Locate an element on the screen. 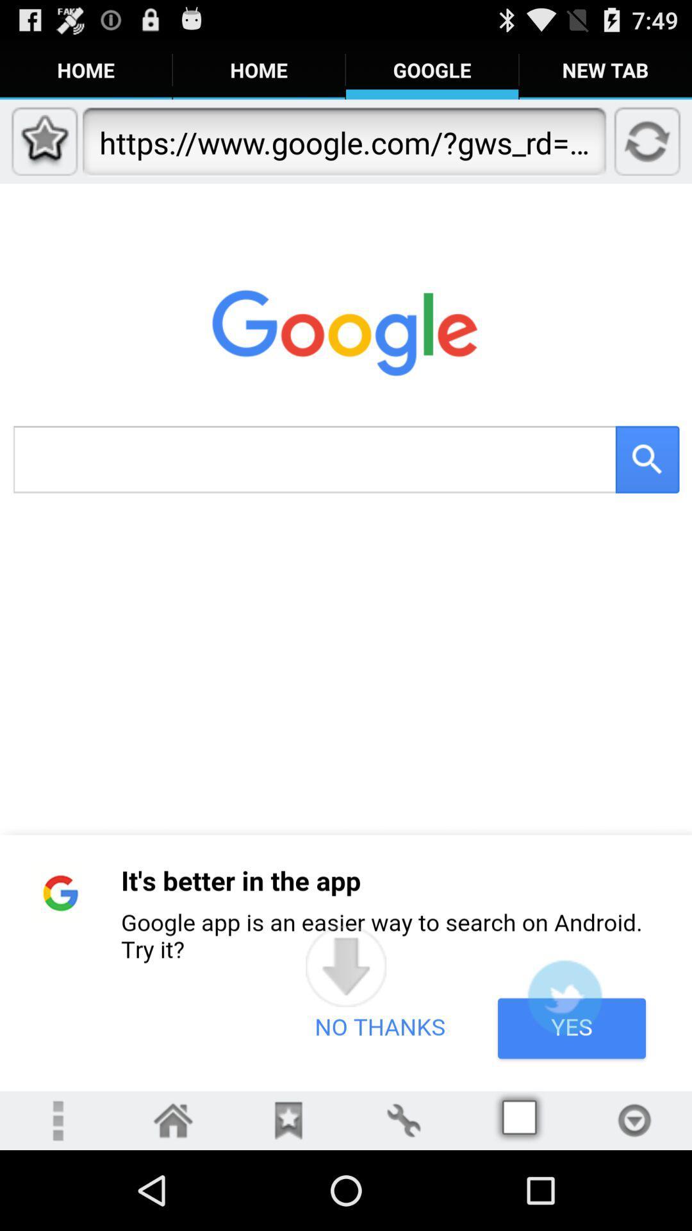 This screenshot has height=1231, width=692. the arrow_downward icon is located at coordinates (346, 1034).